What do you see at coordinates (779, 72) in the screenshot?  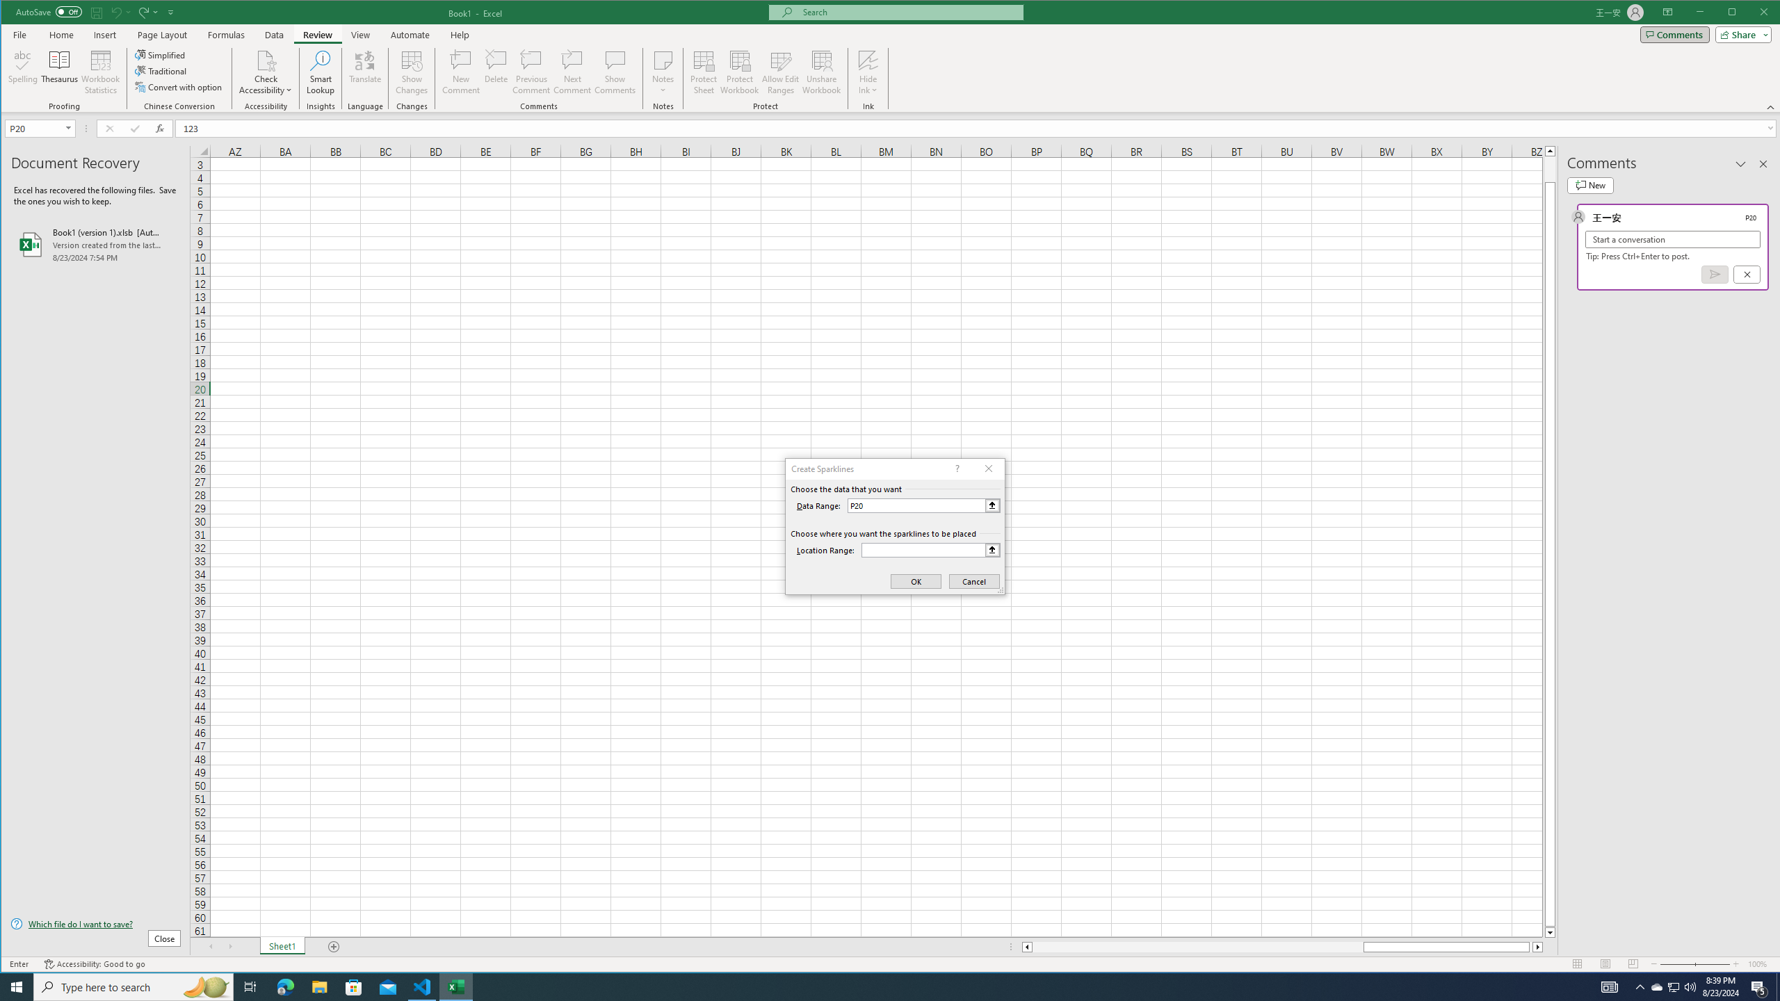 I see `'Allow Edit Ranges'` at bounding box center [779, 72].